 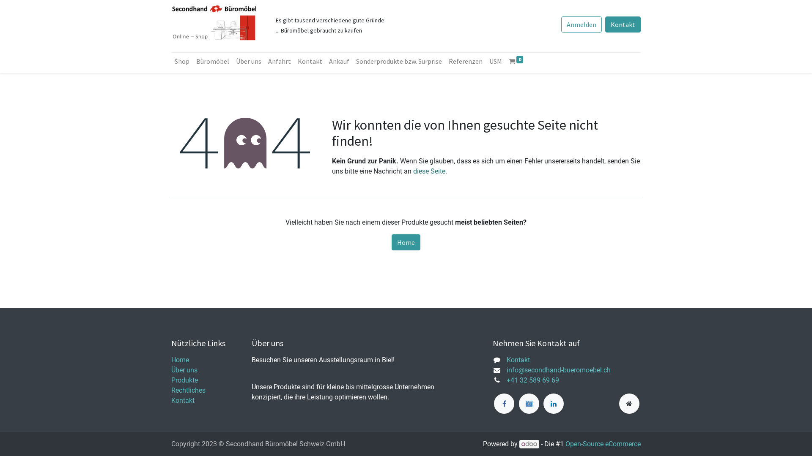 What do you see at coordinates (602, 443) in the screenshot?
I see `'Open-Source eCommerce'` at bounding box center [602, 443].